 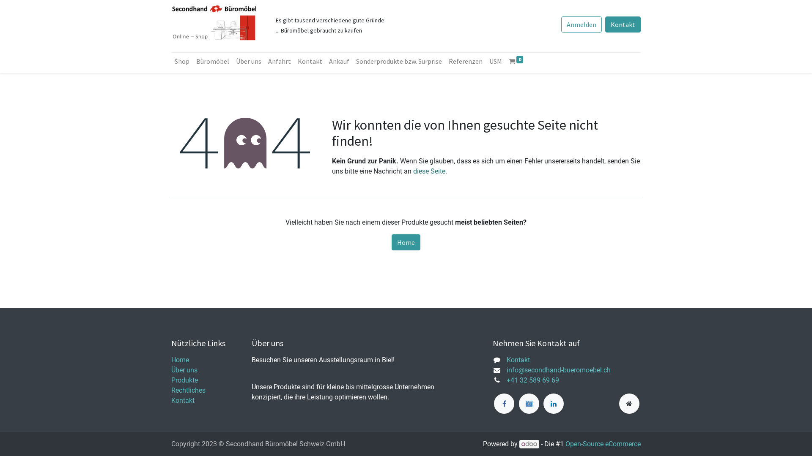 What do you see at coordinates (602, 443) in the screenshot?
I see `'Open-Source eCommerce'` at bounding box center [602, 443].